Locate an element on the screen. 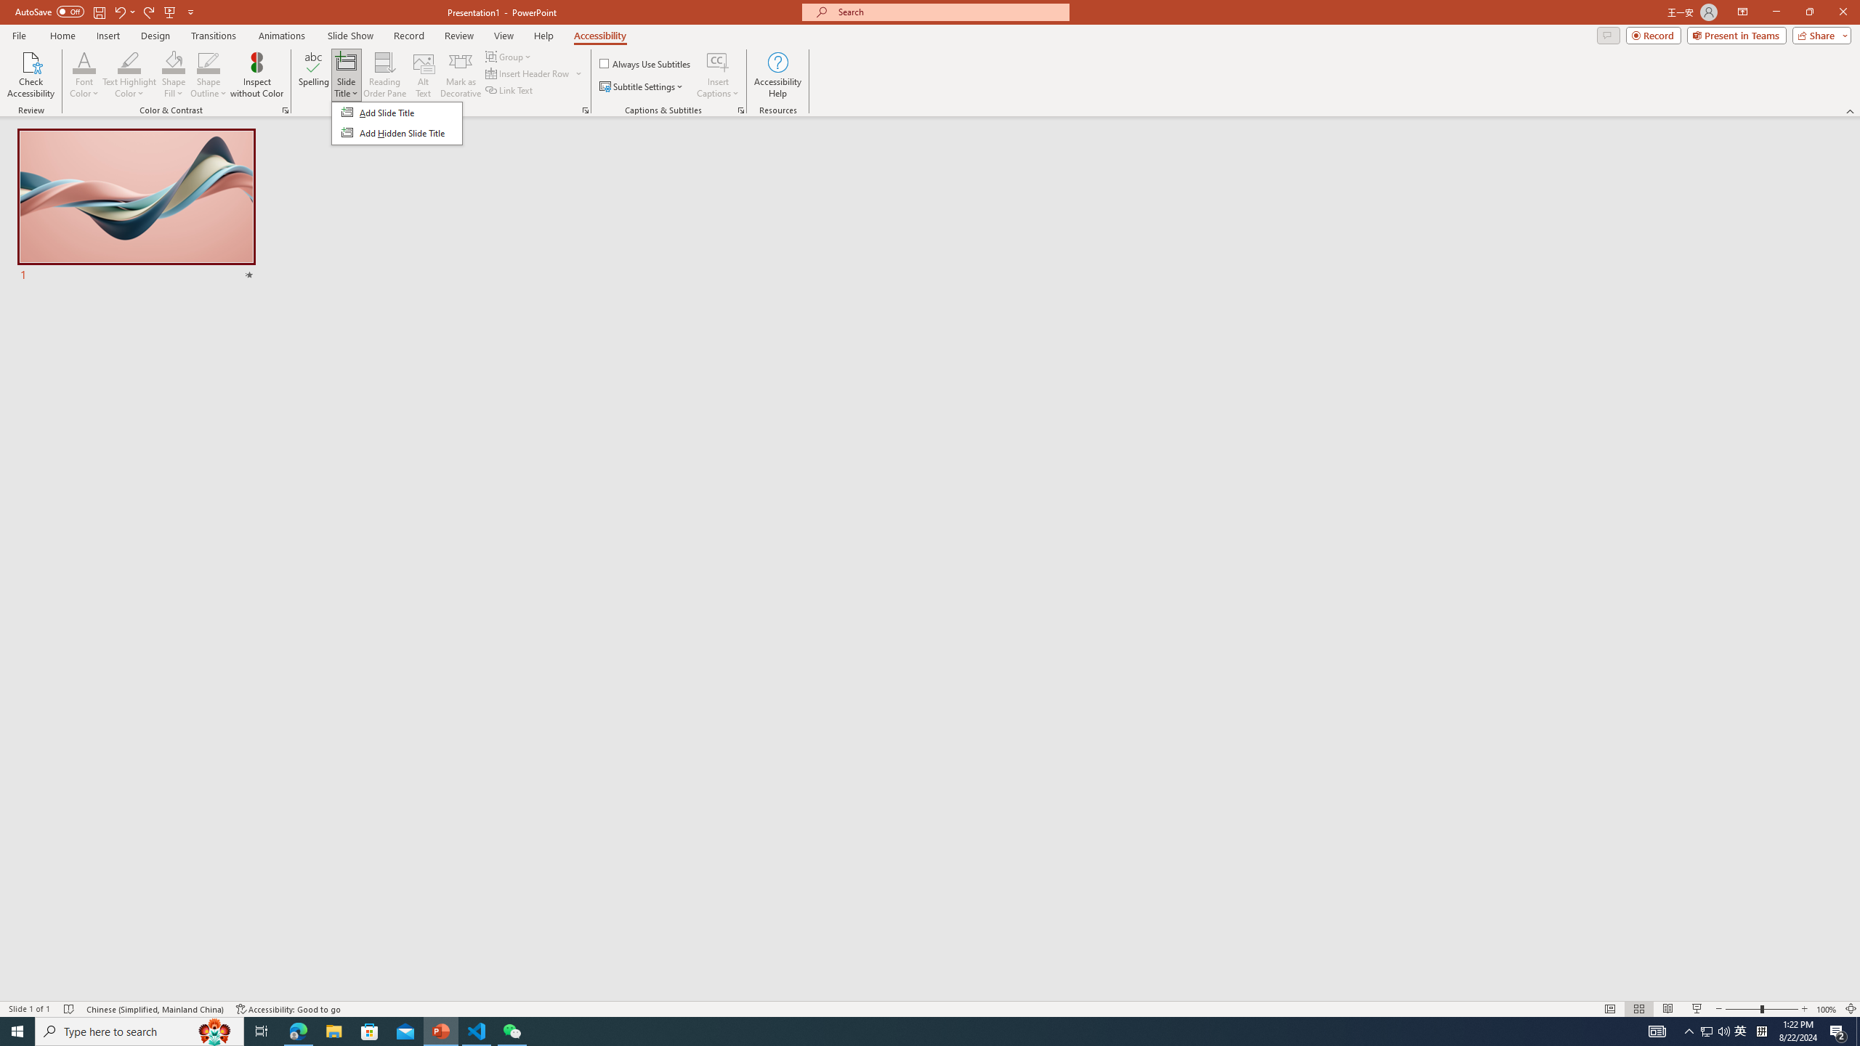 This screenshot has height=1046, width=1860. 'Always Use Subtitles' is located at coordinates (645, 63).